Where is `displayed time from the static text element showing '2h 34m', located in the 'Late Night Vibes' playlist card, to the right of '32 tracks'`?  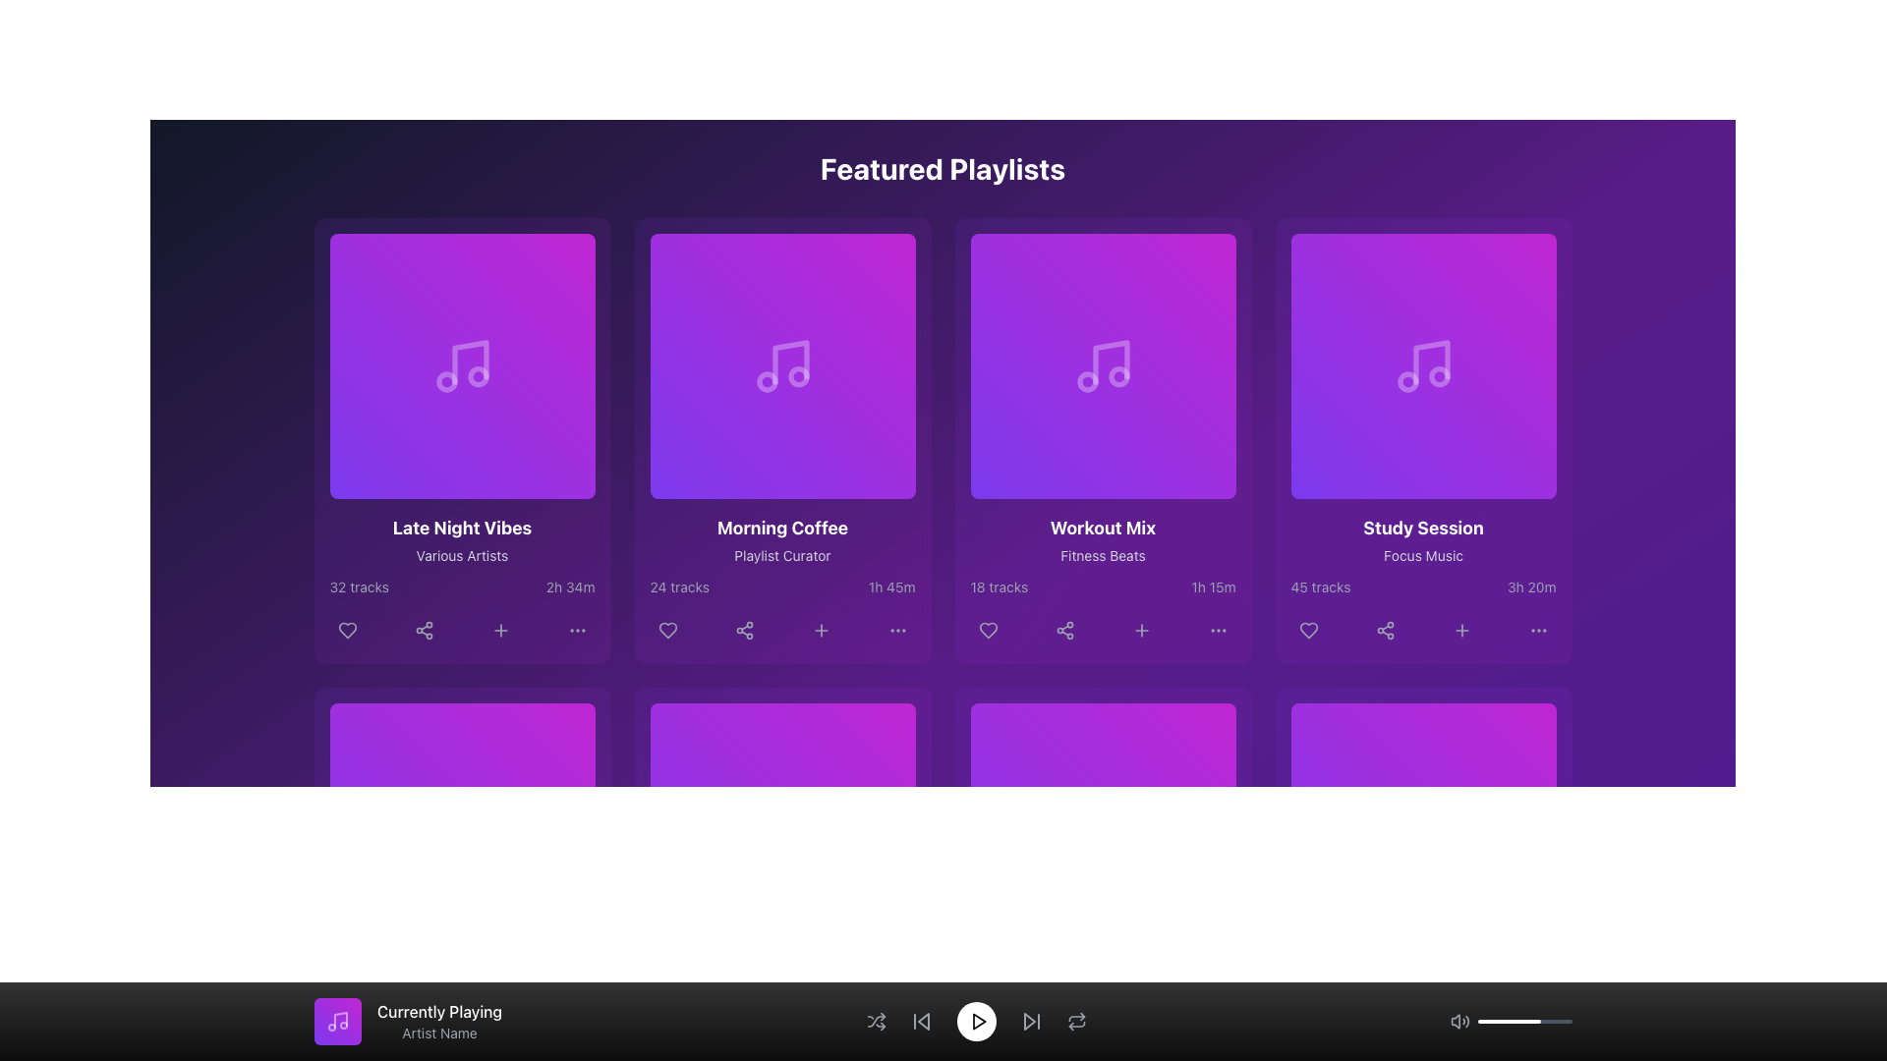 displayed time from the static text element showing '2h 34m', located in the 'Late Night Vibes' playlist card, to the right of '32 tracks' is located at coordinates (569, 586).